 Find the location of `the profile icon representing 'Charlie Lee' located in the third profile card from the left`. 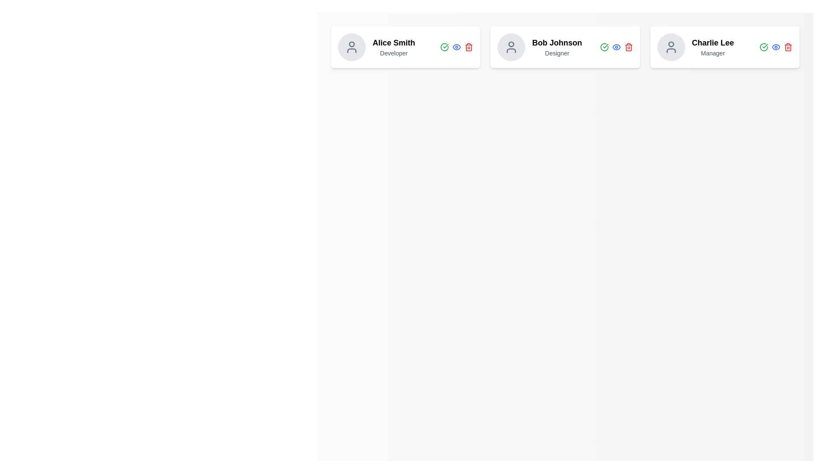

the profile icon representing 'Charlie Lee' located in the third profile card from the left is located at coordinates (670, 47).